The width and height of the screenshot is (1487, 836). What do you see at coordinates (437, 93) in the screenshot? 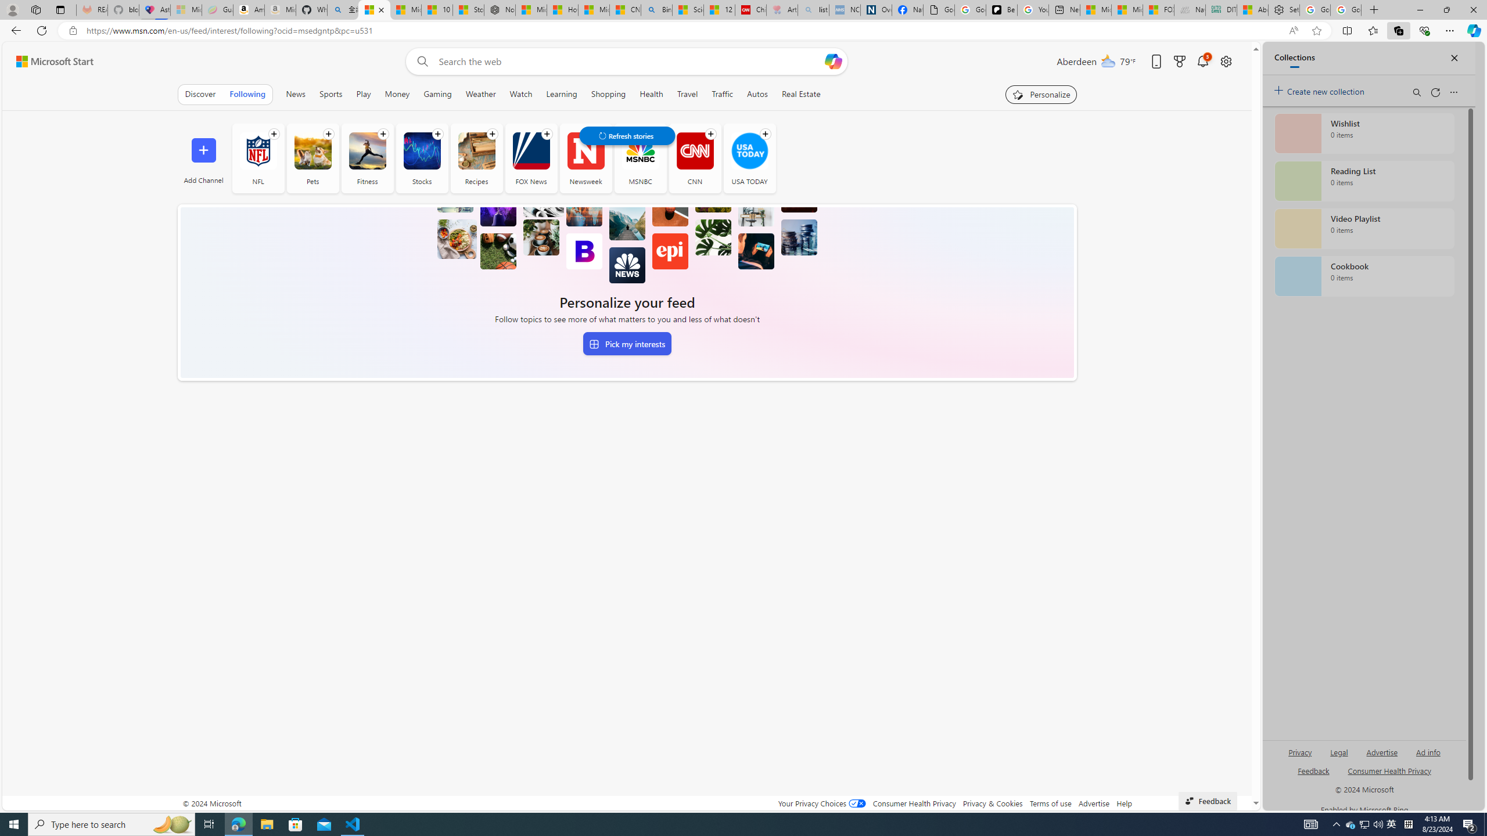
I see `'Gaming'` at bounding box center [437, 93].